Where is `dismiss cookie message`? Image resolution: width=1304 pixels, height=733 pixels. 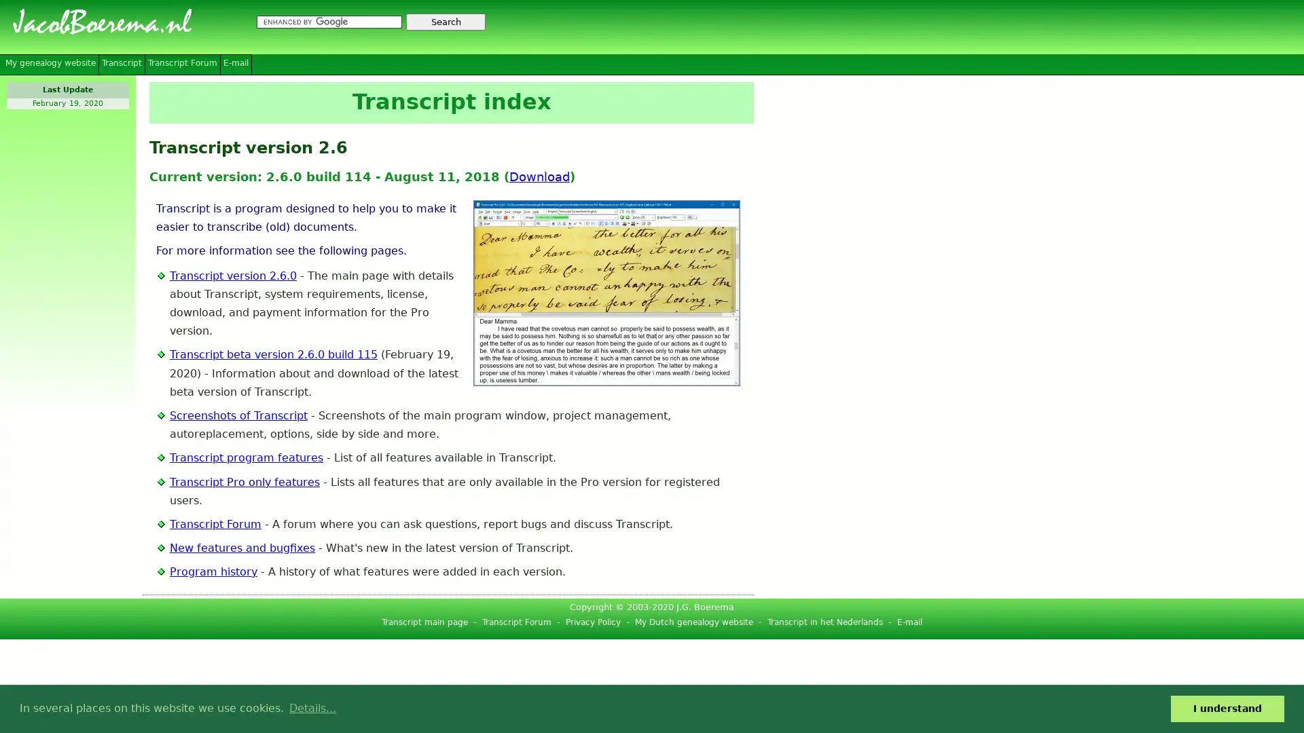
dismiss cookie message is located at coordinates (1227, 708).